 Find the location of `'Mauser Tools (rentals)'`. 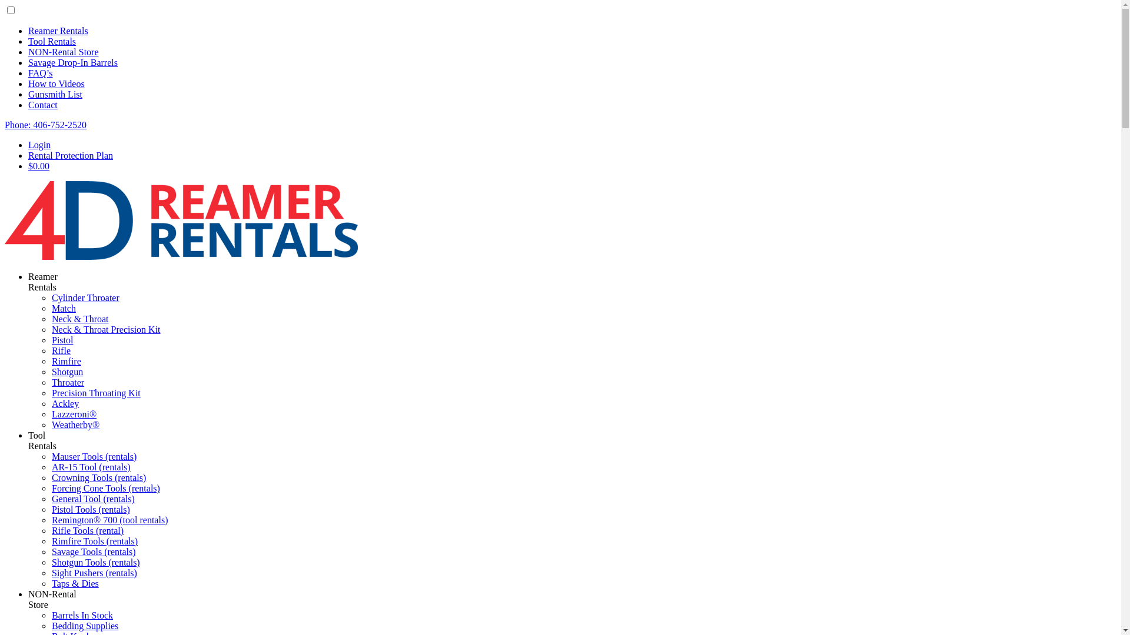

'Mauser Tools (rentals)' is located at coordinates (93, 456).